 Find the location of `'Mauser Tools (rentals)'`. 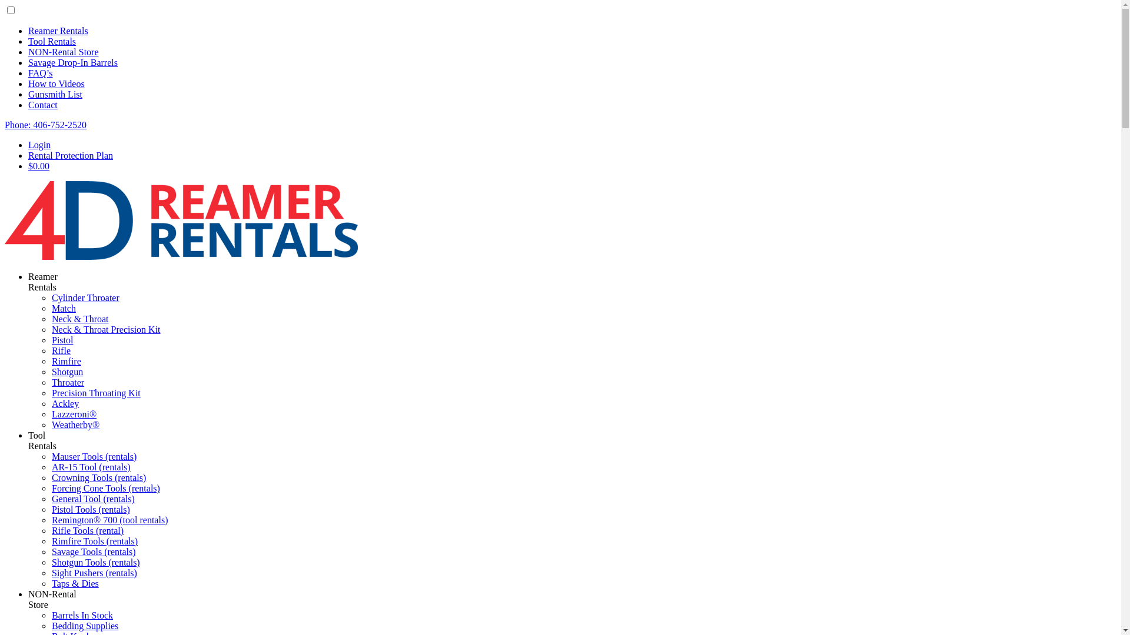

'Mauser Tools (rentals)' is located at coordinates (93, 456).